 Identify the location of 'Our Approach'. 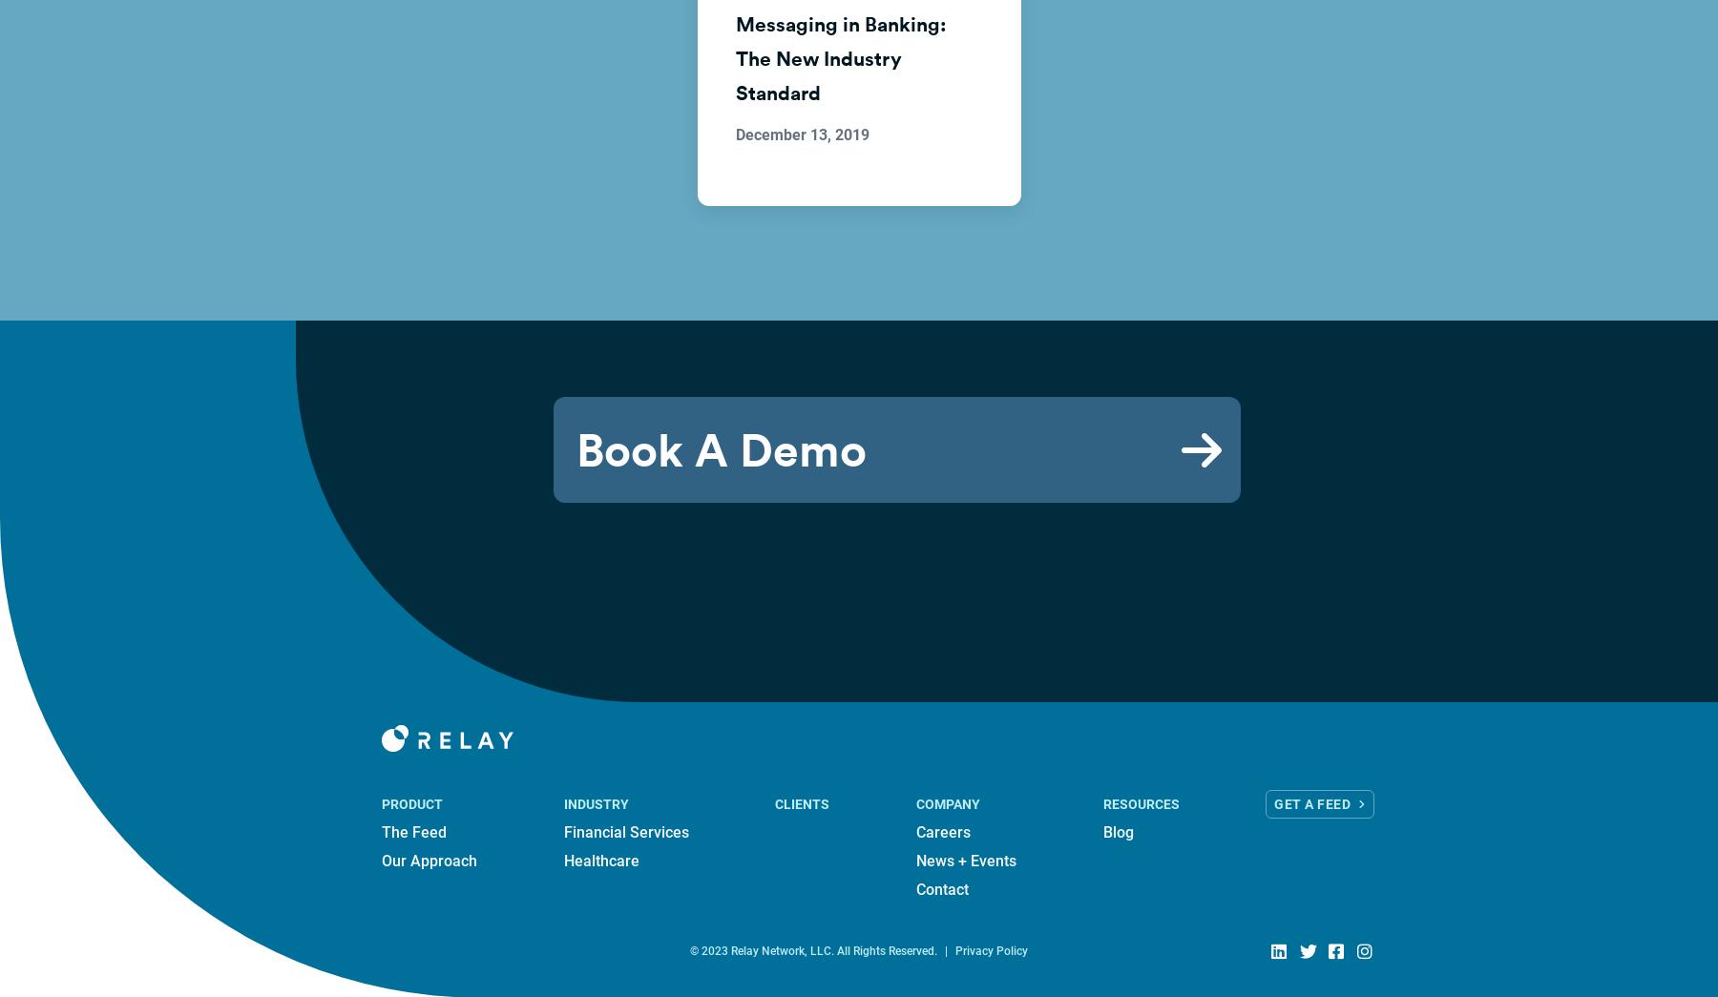
(381, 861).